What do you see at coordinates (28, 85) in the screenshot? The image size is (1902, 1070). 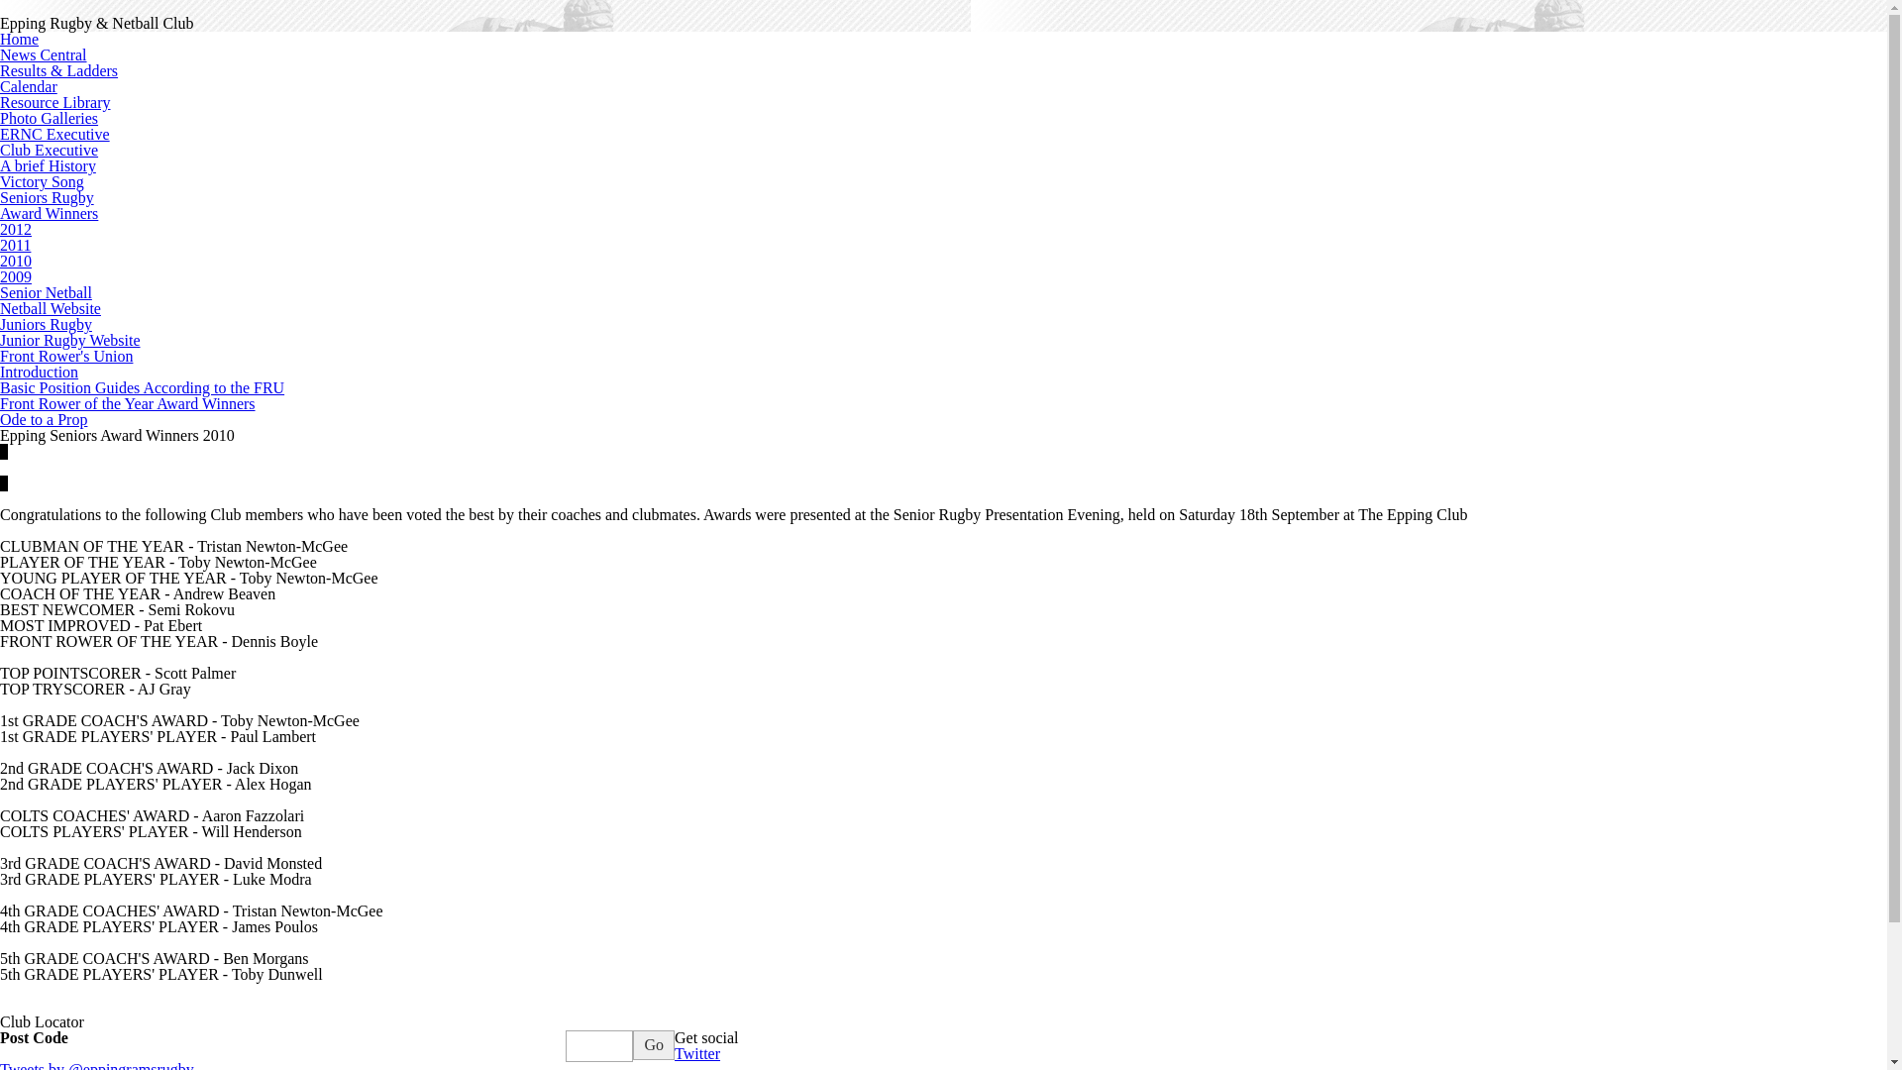 I see `'Calendar'` at bounding box center [28, 85].